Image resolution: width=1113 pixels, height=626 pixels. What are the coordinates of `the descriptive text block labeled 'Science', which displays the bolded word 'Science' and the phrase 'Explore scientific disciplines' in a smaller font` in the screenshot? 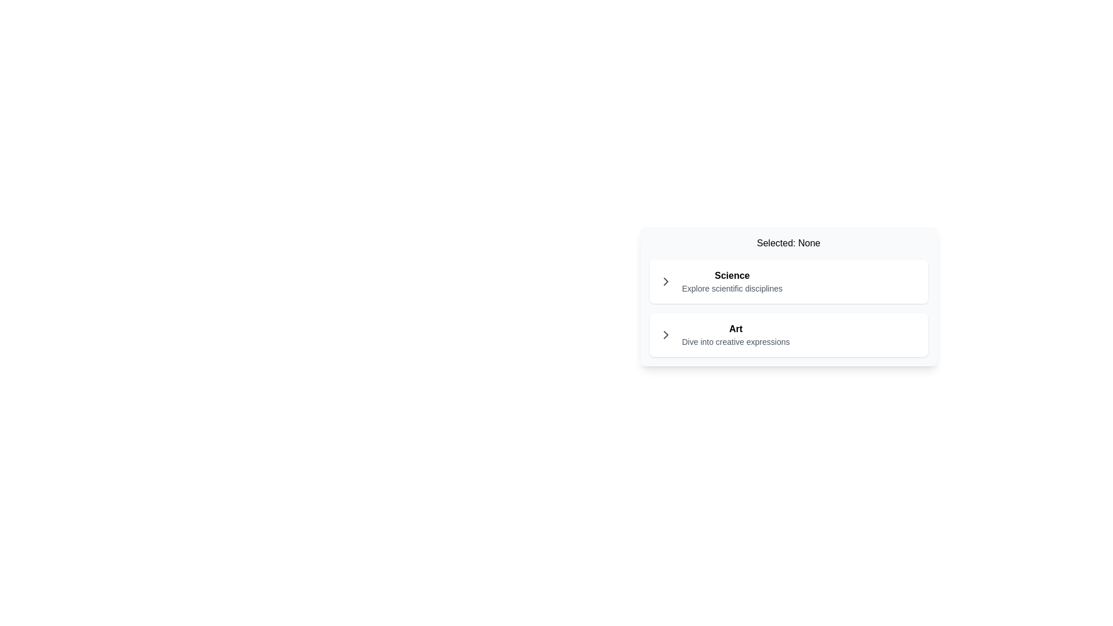 It's located at (732, 282).